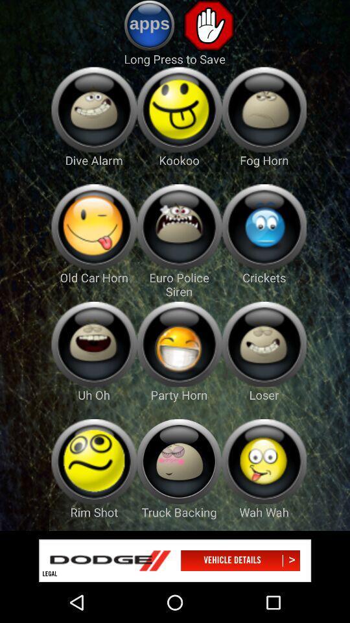 The height and width of the screenshot is (623, 350). I want to click on the 3rd emoji from the 3rd row, so click(263, 343).